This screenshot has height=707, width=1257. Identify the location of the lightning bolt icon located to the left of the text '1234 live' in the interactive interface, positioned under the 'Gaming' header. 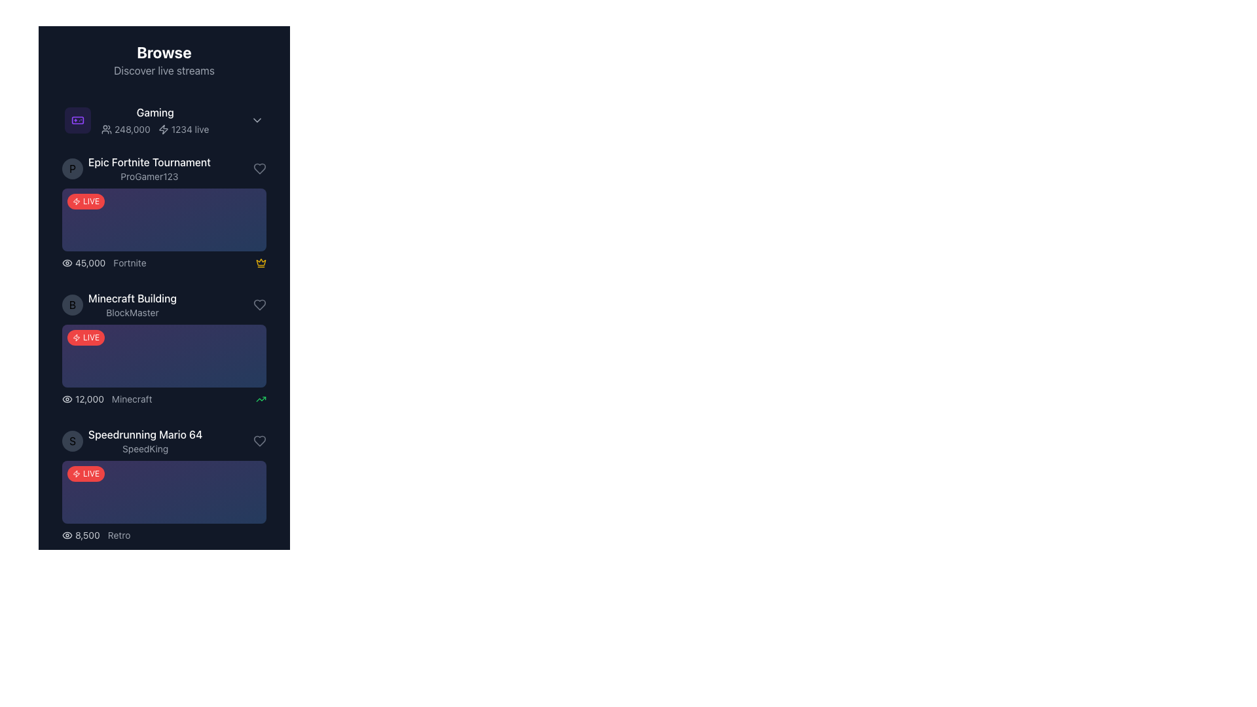
(162, 129).